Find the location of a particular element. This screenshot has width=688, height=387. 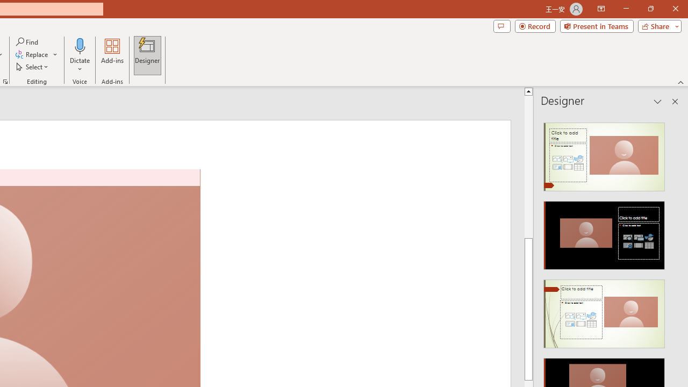

'Close' is located at coordinates (675, 9).